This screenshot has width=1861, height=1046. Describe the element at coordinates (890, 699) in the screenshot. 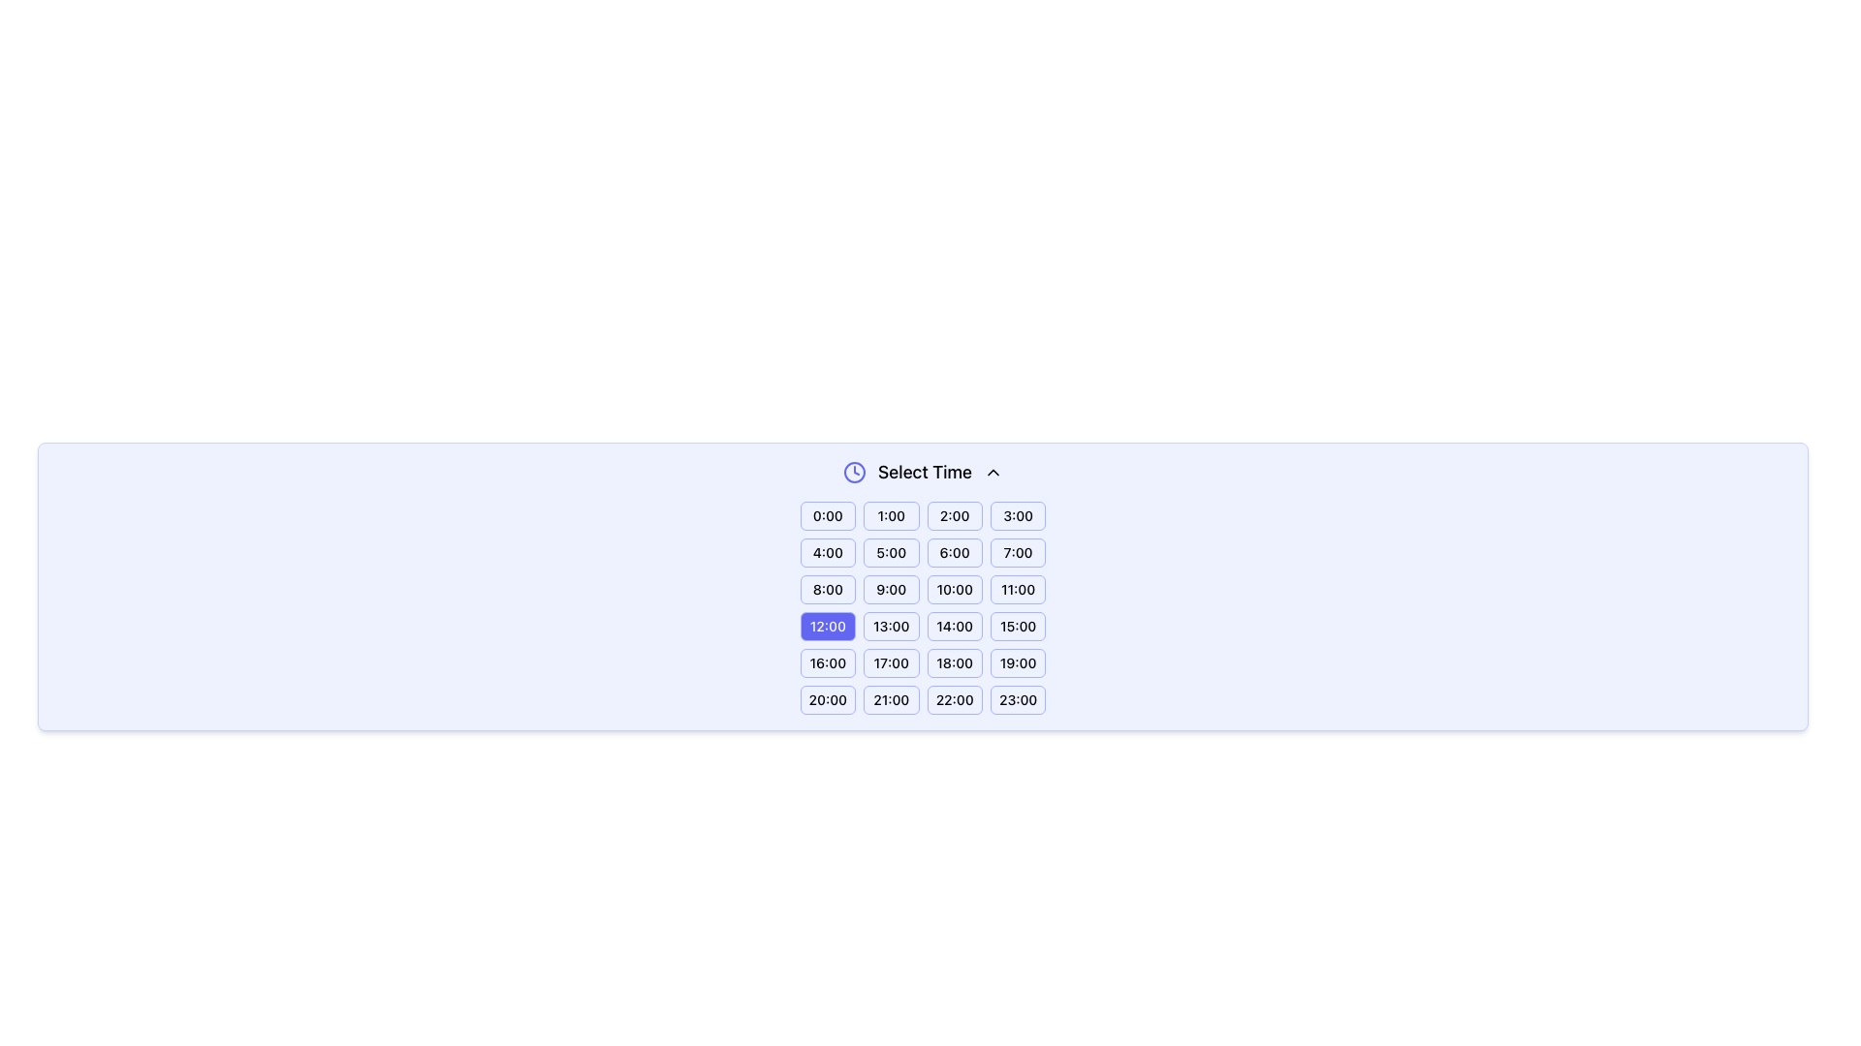

I see `the '21:00' time slot button located in the last row of the time slot grid, second from the left` at that location.